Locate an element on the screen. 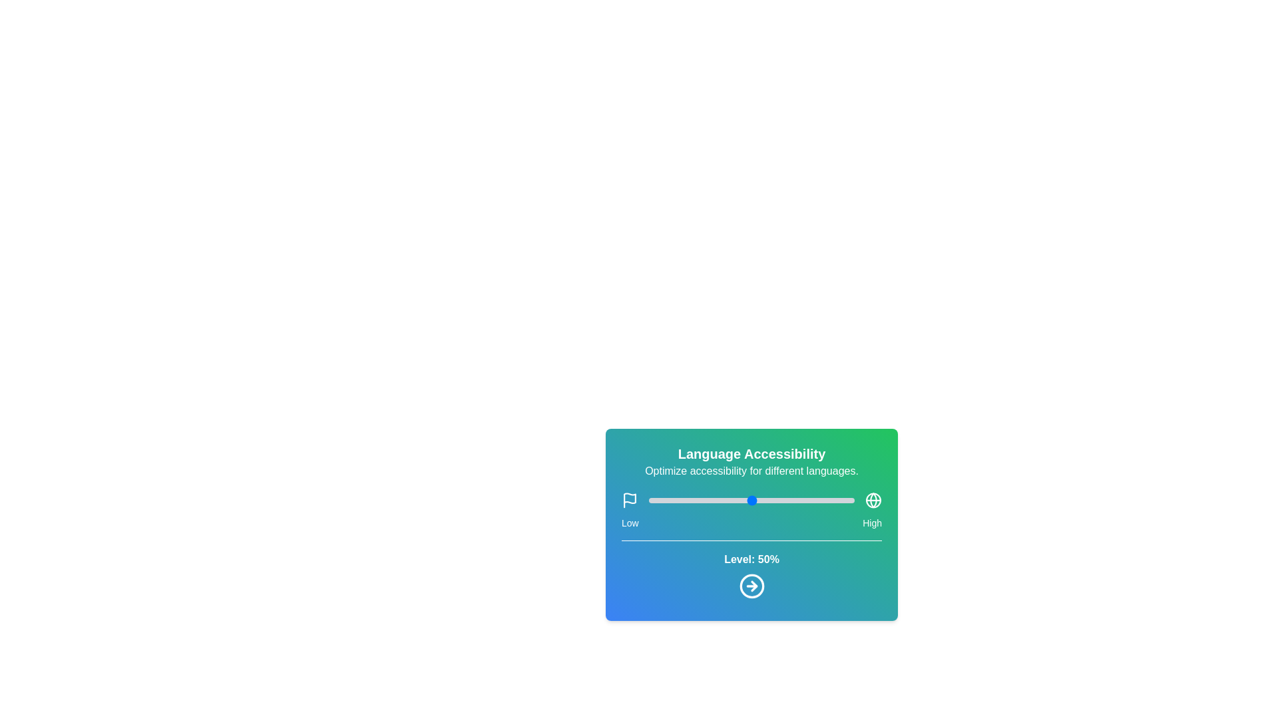 The height and width of the screenshot is (718, 1278). the slider to set the language accessibility level to 52% is located at coordinates (755, 500).